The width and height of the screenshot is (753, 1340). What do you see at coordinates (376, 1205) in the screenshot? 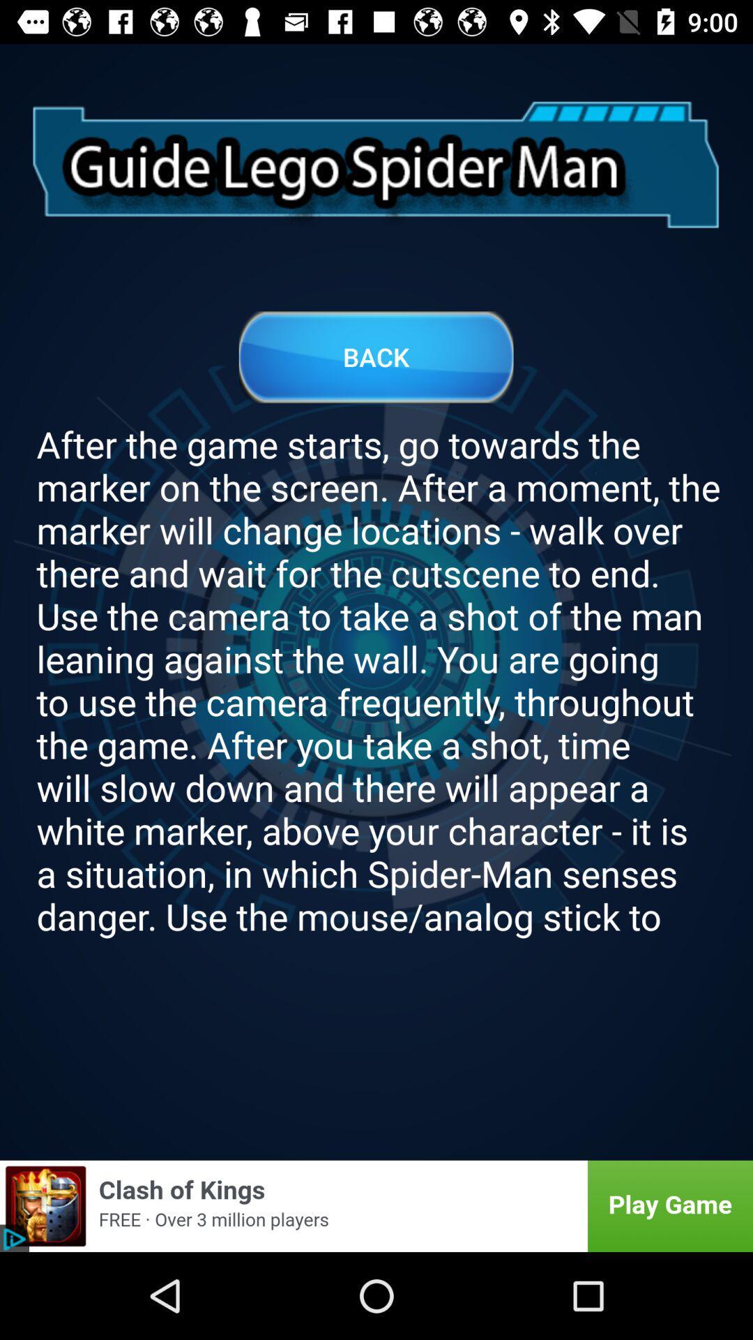
I see `game advertisement` at bounding box center [376, 1205].